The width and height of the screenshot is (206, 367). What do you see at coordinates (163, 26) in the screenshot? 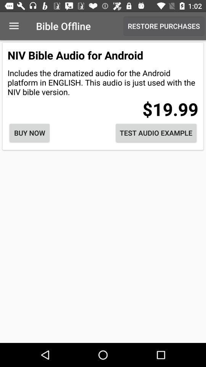
I see `icon to the right of bible offline icon` at bounding box center [163, 26].